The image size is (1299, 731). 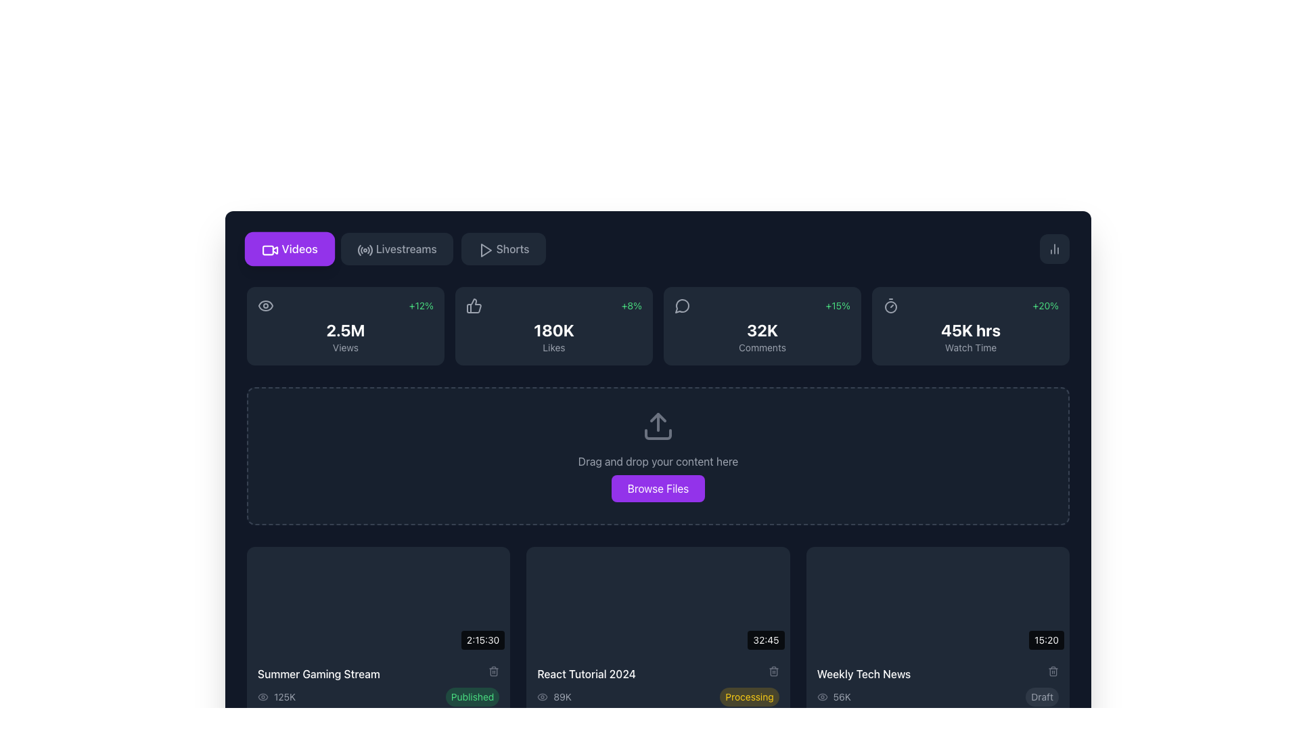 What do you see at coordinates (318, 673) in the screenshot?
I see `the text label or heading that identifies the associated content in the leftmost card's title area, located in the lower third of the interface` at bounding box center [318, 673].